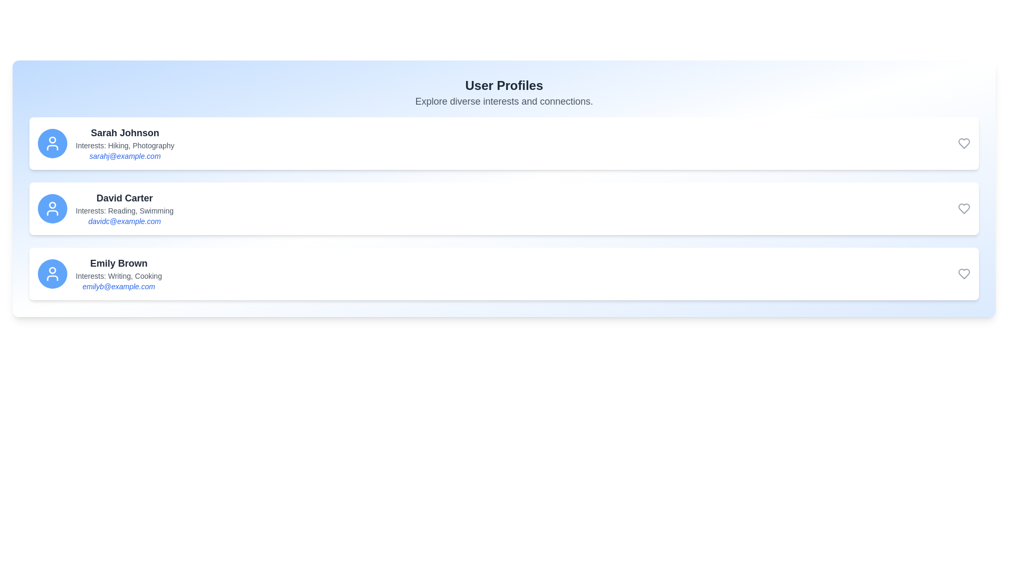 Image resolution: width=1010 pixels, height=568 pixels. Describe the element at coordinates (503, 273) in the screenshot. I see `the user profile corresponding to Emily Brown` at that location.